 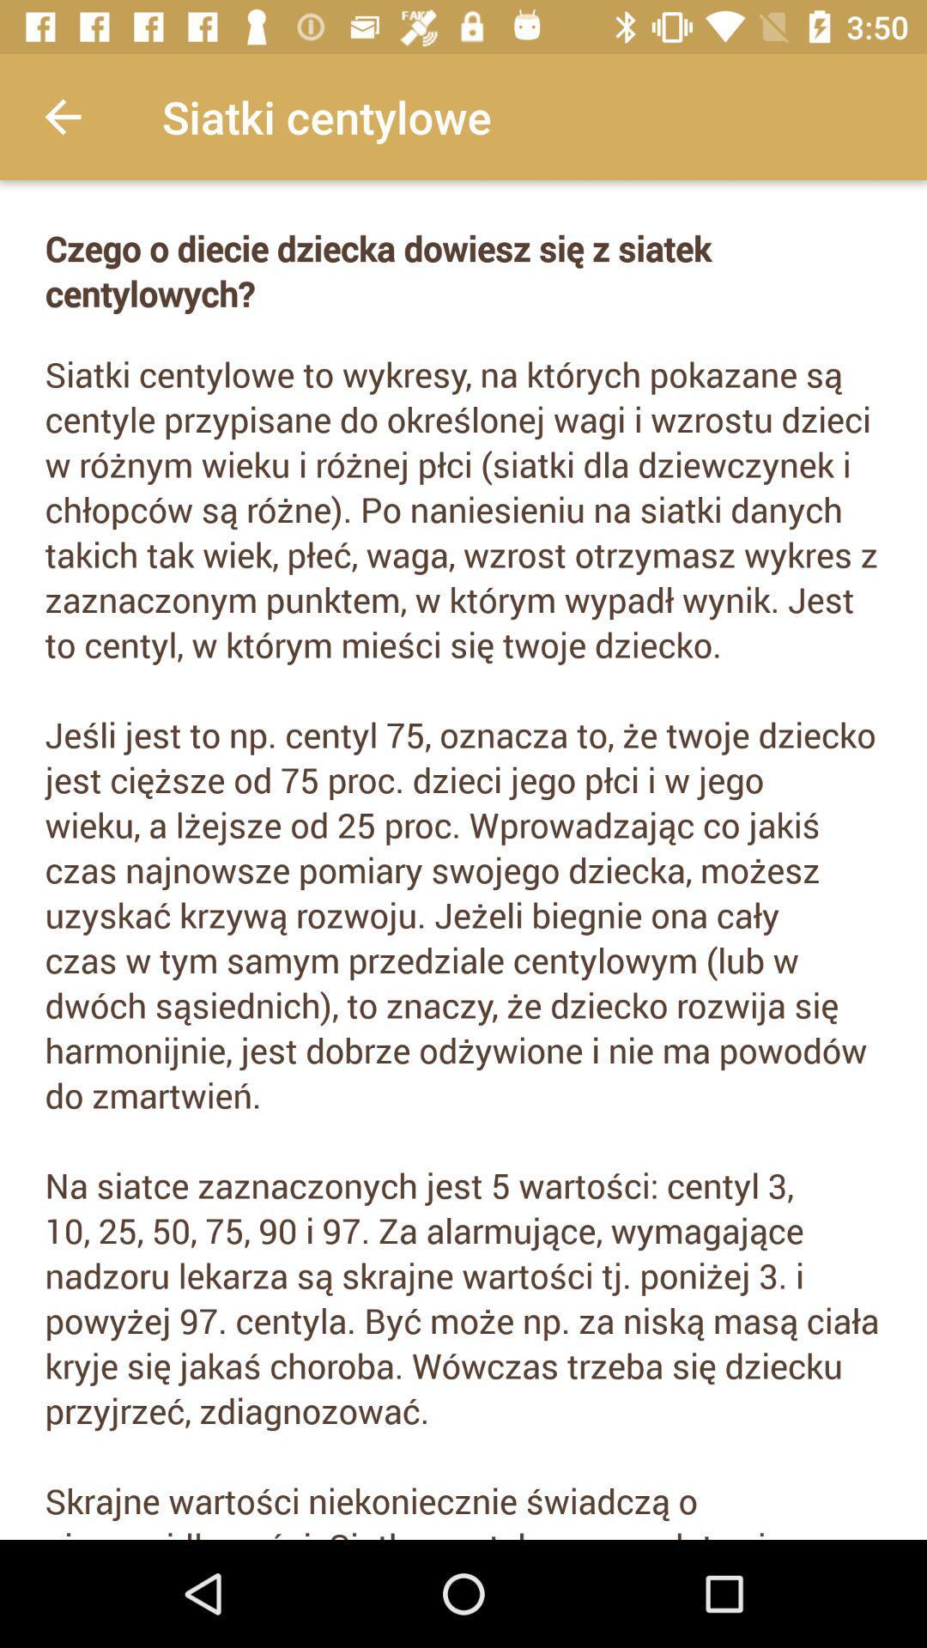 I want to click on the app to the left of the siatki centylowe app, so click(x=62, y=116).